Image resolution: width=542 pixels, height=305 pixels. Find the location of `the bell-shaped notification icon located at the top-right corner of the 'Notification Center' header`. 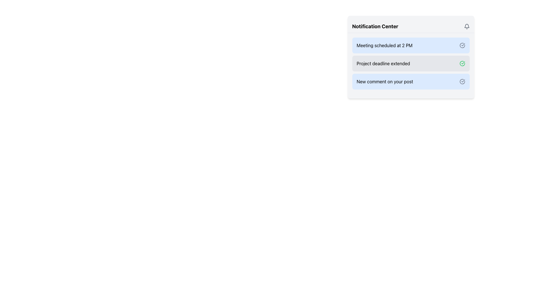

the bell-shaped notification icon located at the top-right corner of the 'Notification Center' header is located at coordinates (467, 26).